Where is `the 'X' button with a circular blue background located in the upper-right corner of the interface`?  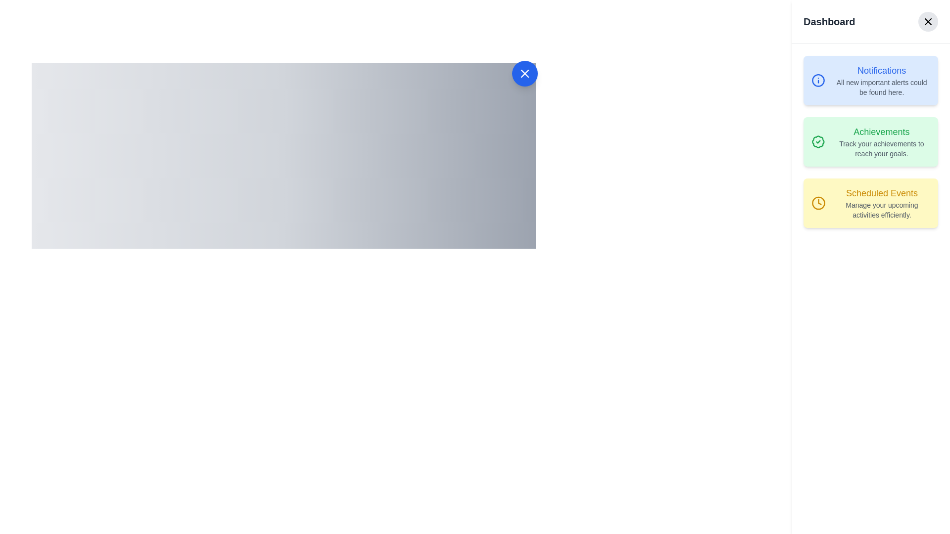 the 'X' button with a circular blue background located in the upper-right corner of the interface is located at coordinates (524, 73).